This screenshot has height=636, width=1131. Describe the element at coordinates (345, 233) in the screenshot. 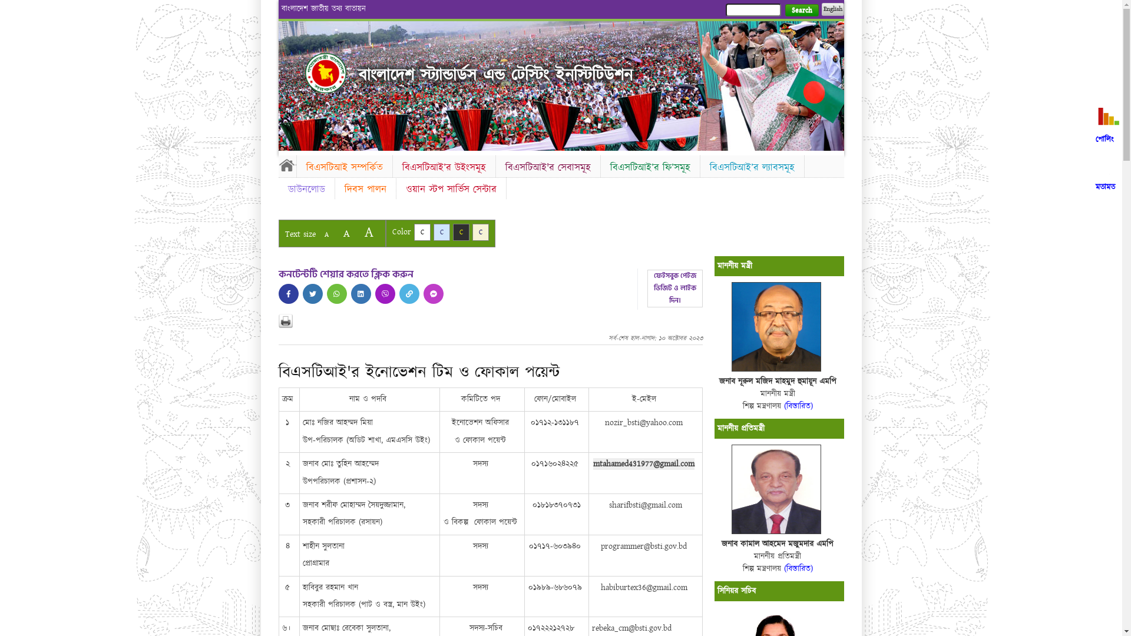

I see `'A'` at that location.